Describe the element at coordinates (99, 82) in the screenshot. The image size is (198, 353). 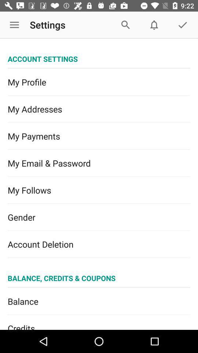
I see `my profile item` at that location.